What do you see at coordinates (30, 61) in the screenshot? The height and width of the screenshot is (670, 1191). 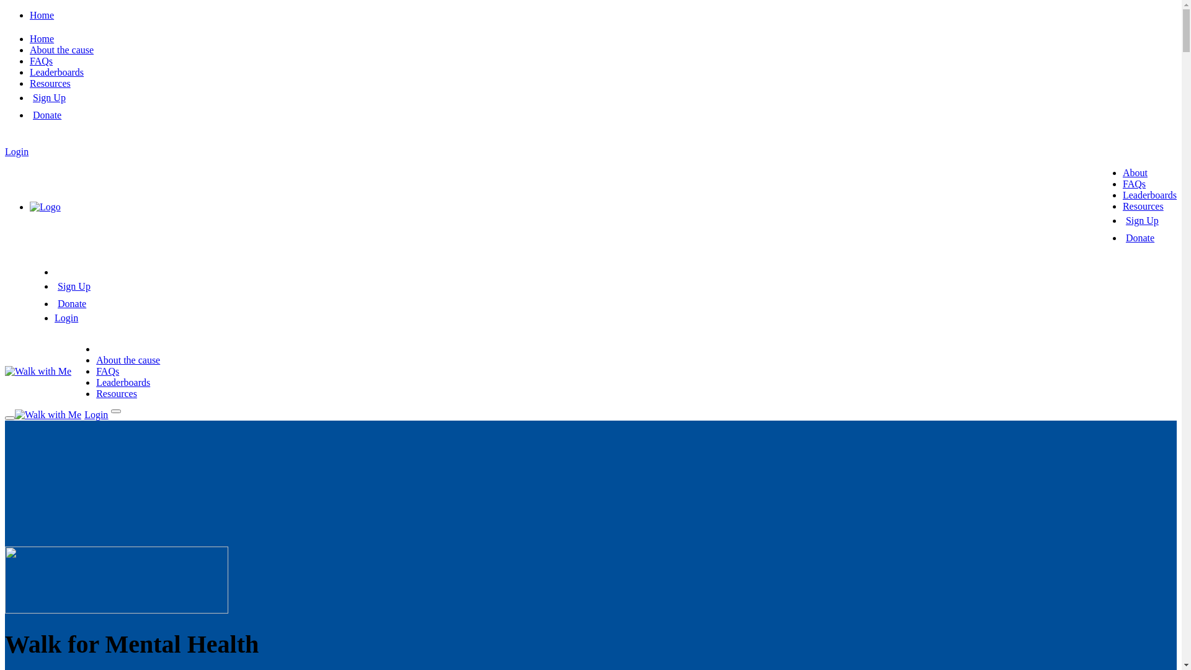 I see `'FAQs'` at bounding box center [30, 61].